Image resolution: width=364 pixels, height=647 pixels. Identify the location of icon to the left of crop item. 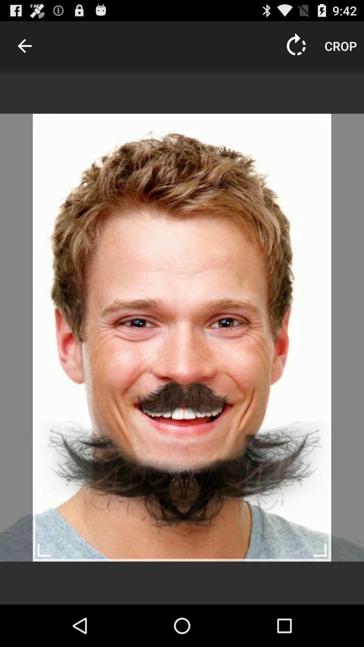
(296, 45).